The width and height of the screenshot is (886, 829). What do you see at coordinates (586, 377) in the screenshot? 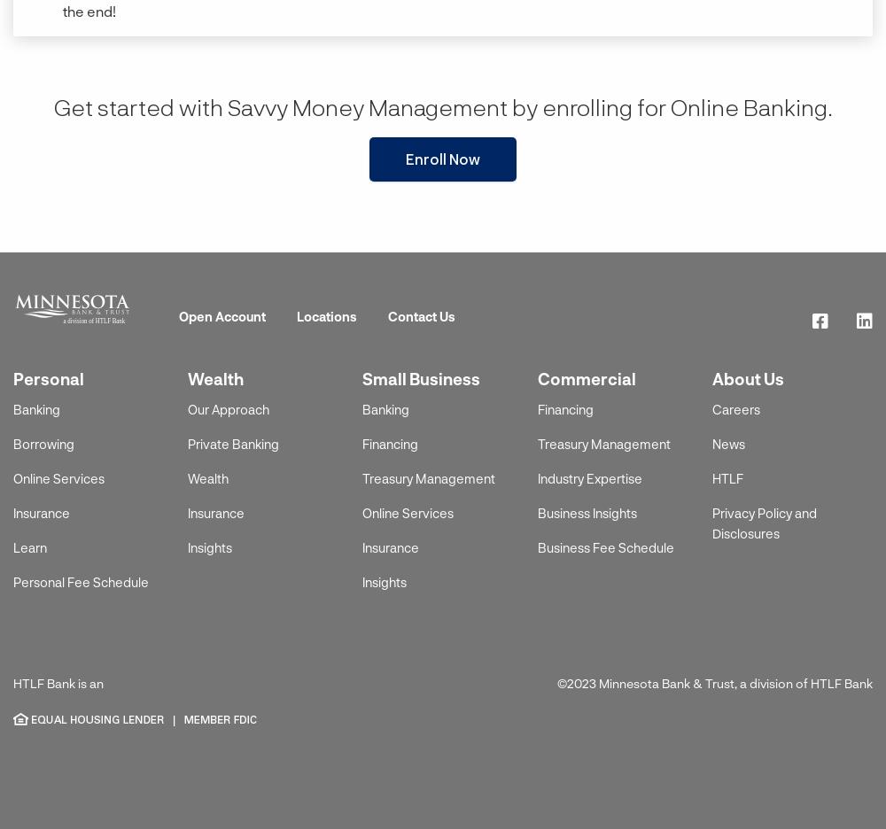
I see `'Commercial'` at bounding box center [586, 377].